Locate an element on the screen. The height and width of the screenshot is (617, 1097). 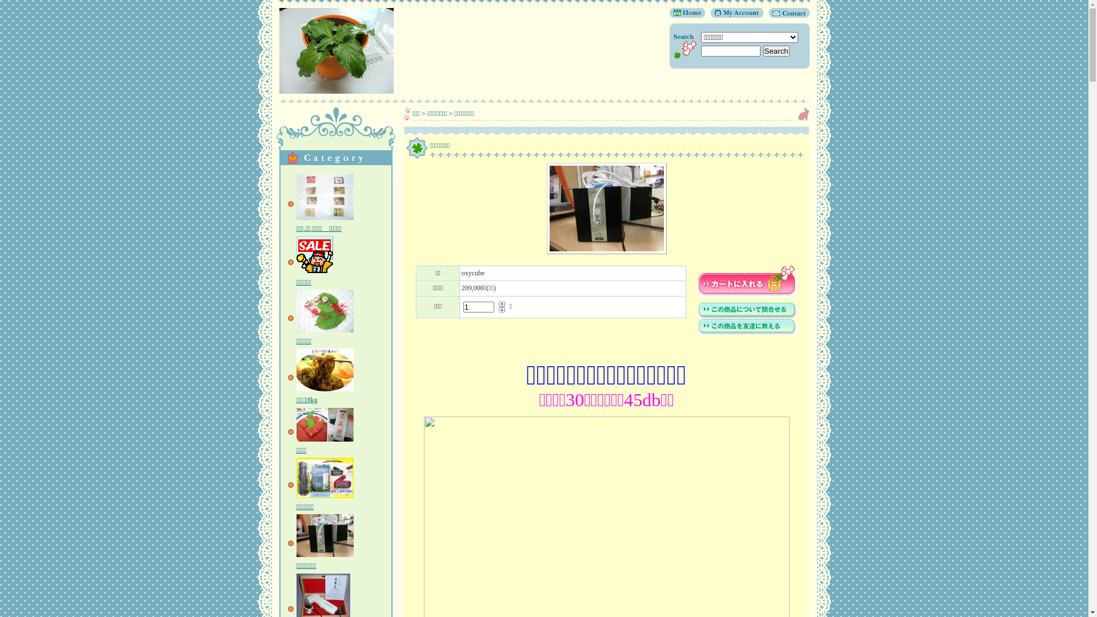
'Search' is located at coordinates (763, 50).